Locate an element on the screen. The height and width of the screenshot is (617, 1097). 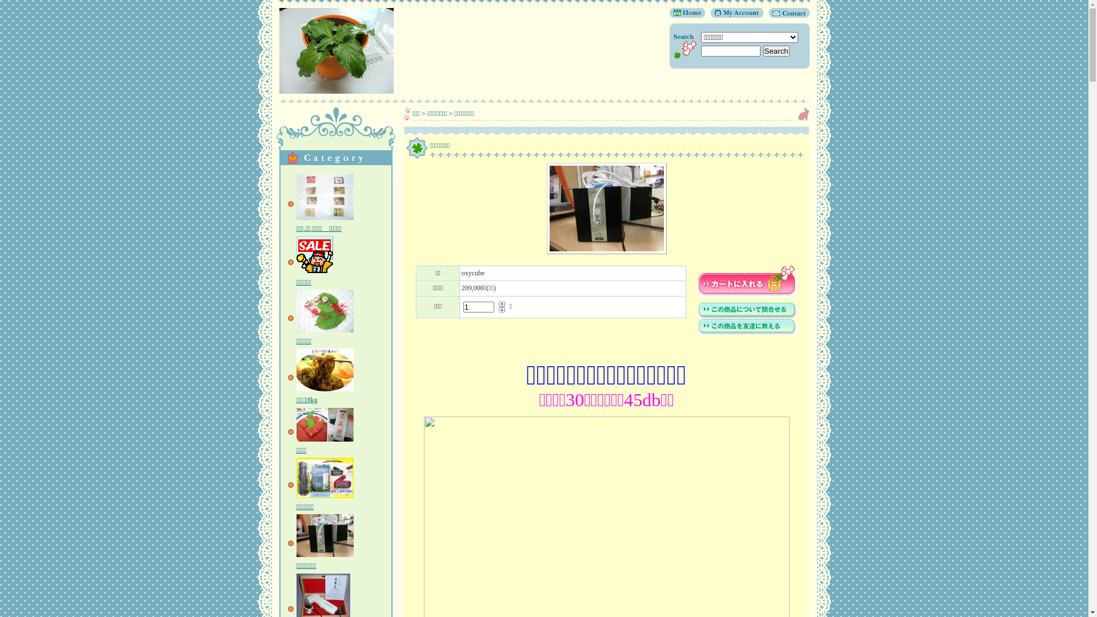
'Search' is located at coordinates (763, 50).